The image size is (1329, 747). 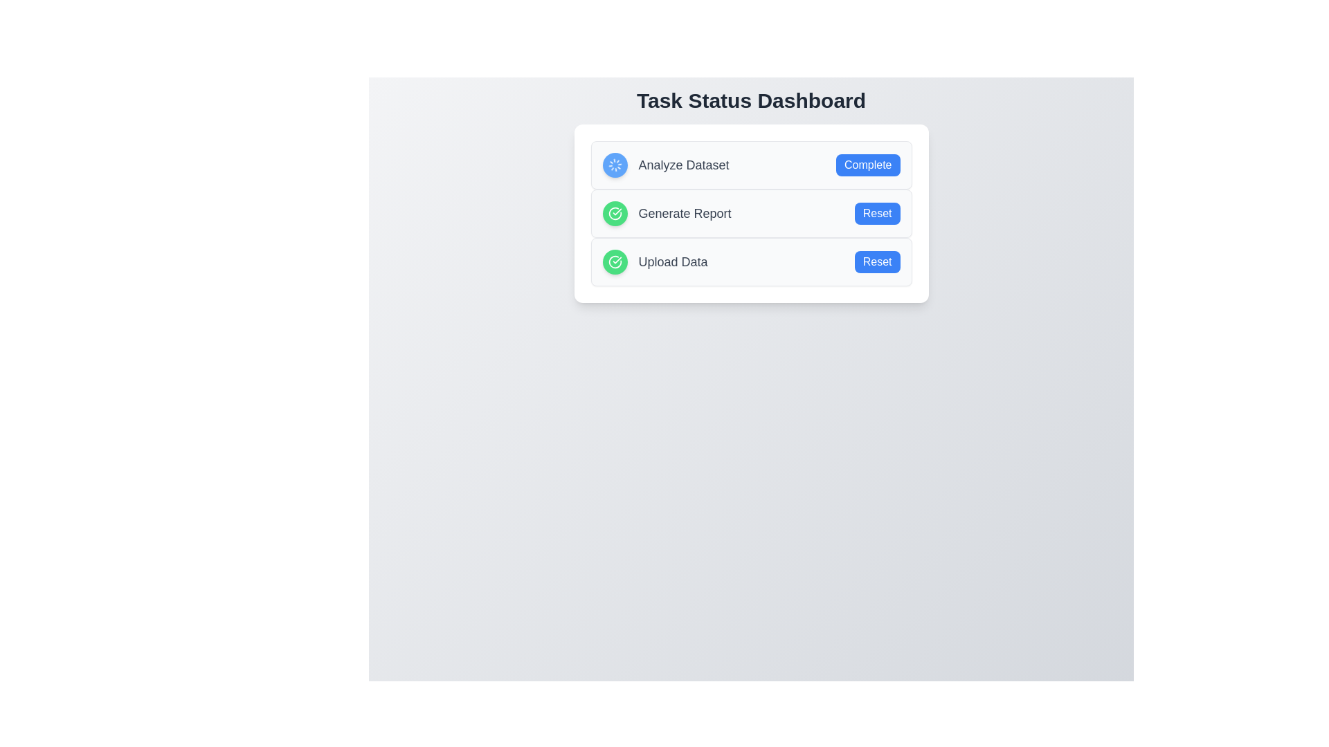 I want to click on the 'Complete' button, a rectangular button with rounded edges and a blue background, located next to the 'Analyze Dataset' text in the top row of tasks, so click(x=867, y=165).